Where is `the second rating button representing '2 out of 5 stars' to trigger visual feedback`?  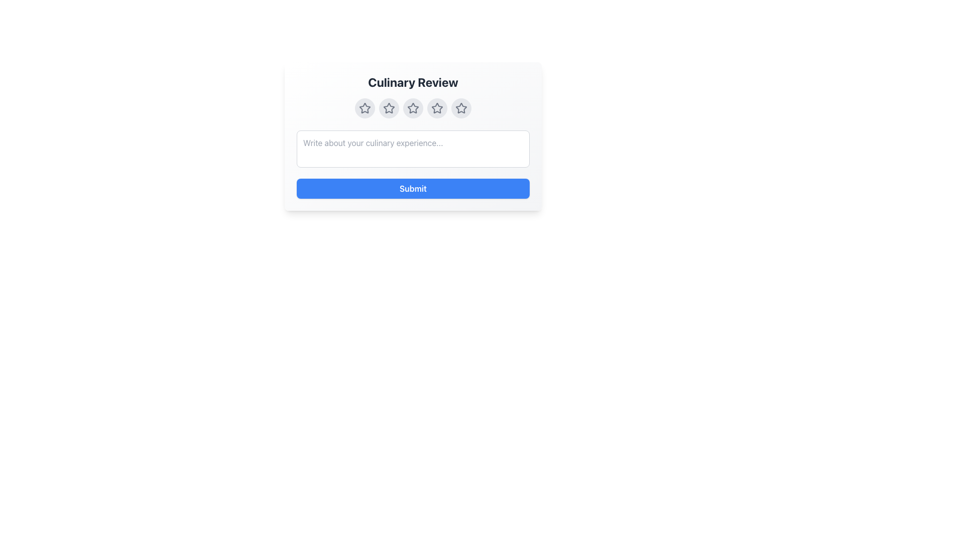
the second rating button representing '2 out of 5 stars' to trigger visual feedback is located at coordinates (388, 108).